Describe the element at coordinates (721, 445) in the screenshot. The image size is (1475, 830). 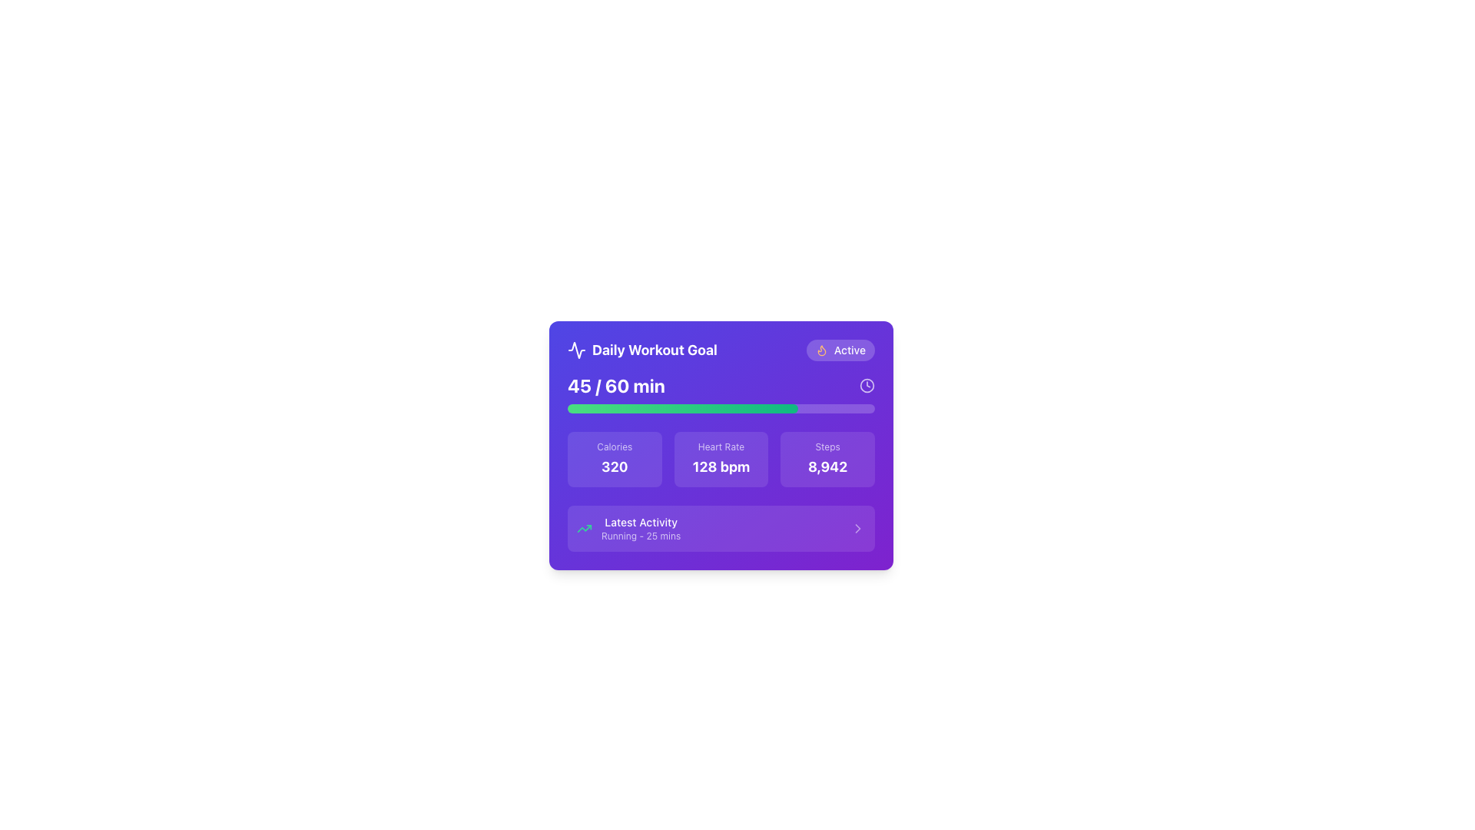
I see `the Information panel that summarizes daily workout goals and achievements, positioned centrally within the interface, to access related elements outside` at that location.